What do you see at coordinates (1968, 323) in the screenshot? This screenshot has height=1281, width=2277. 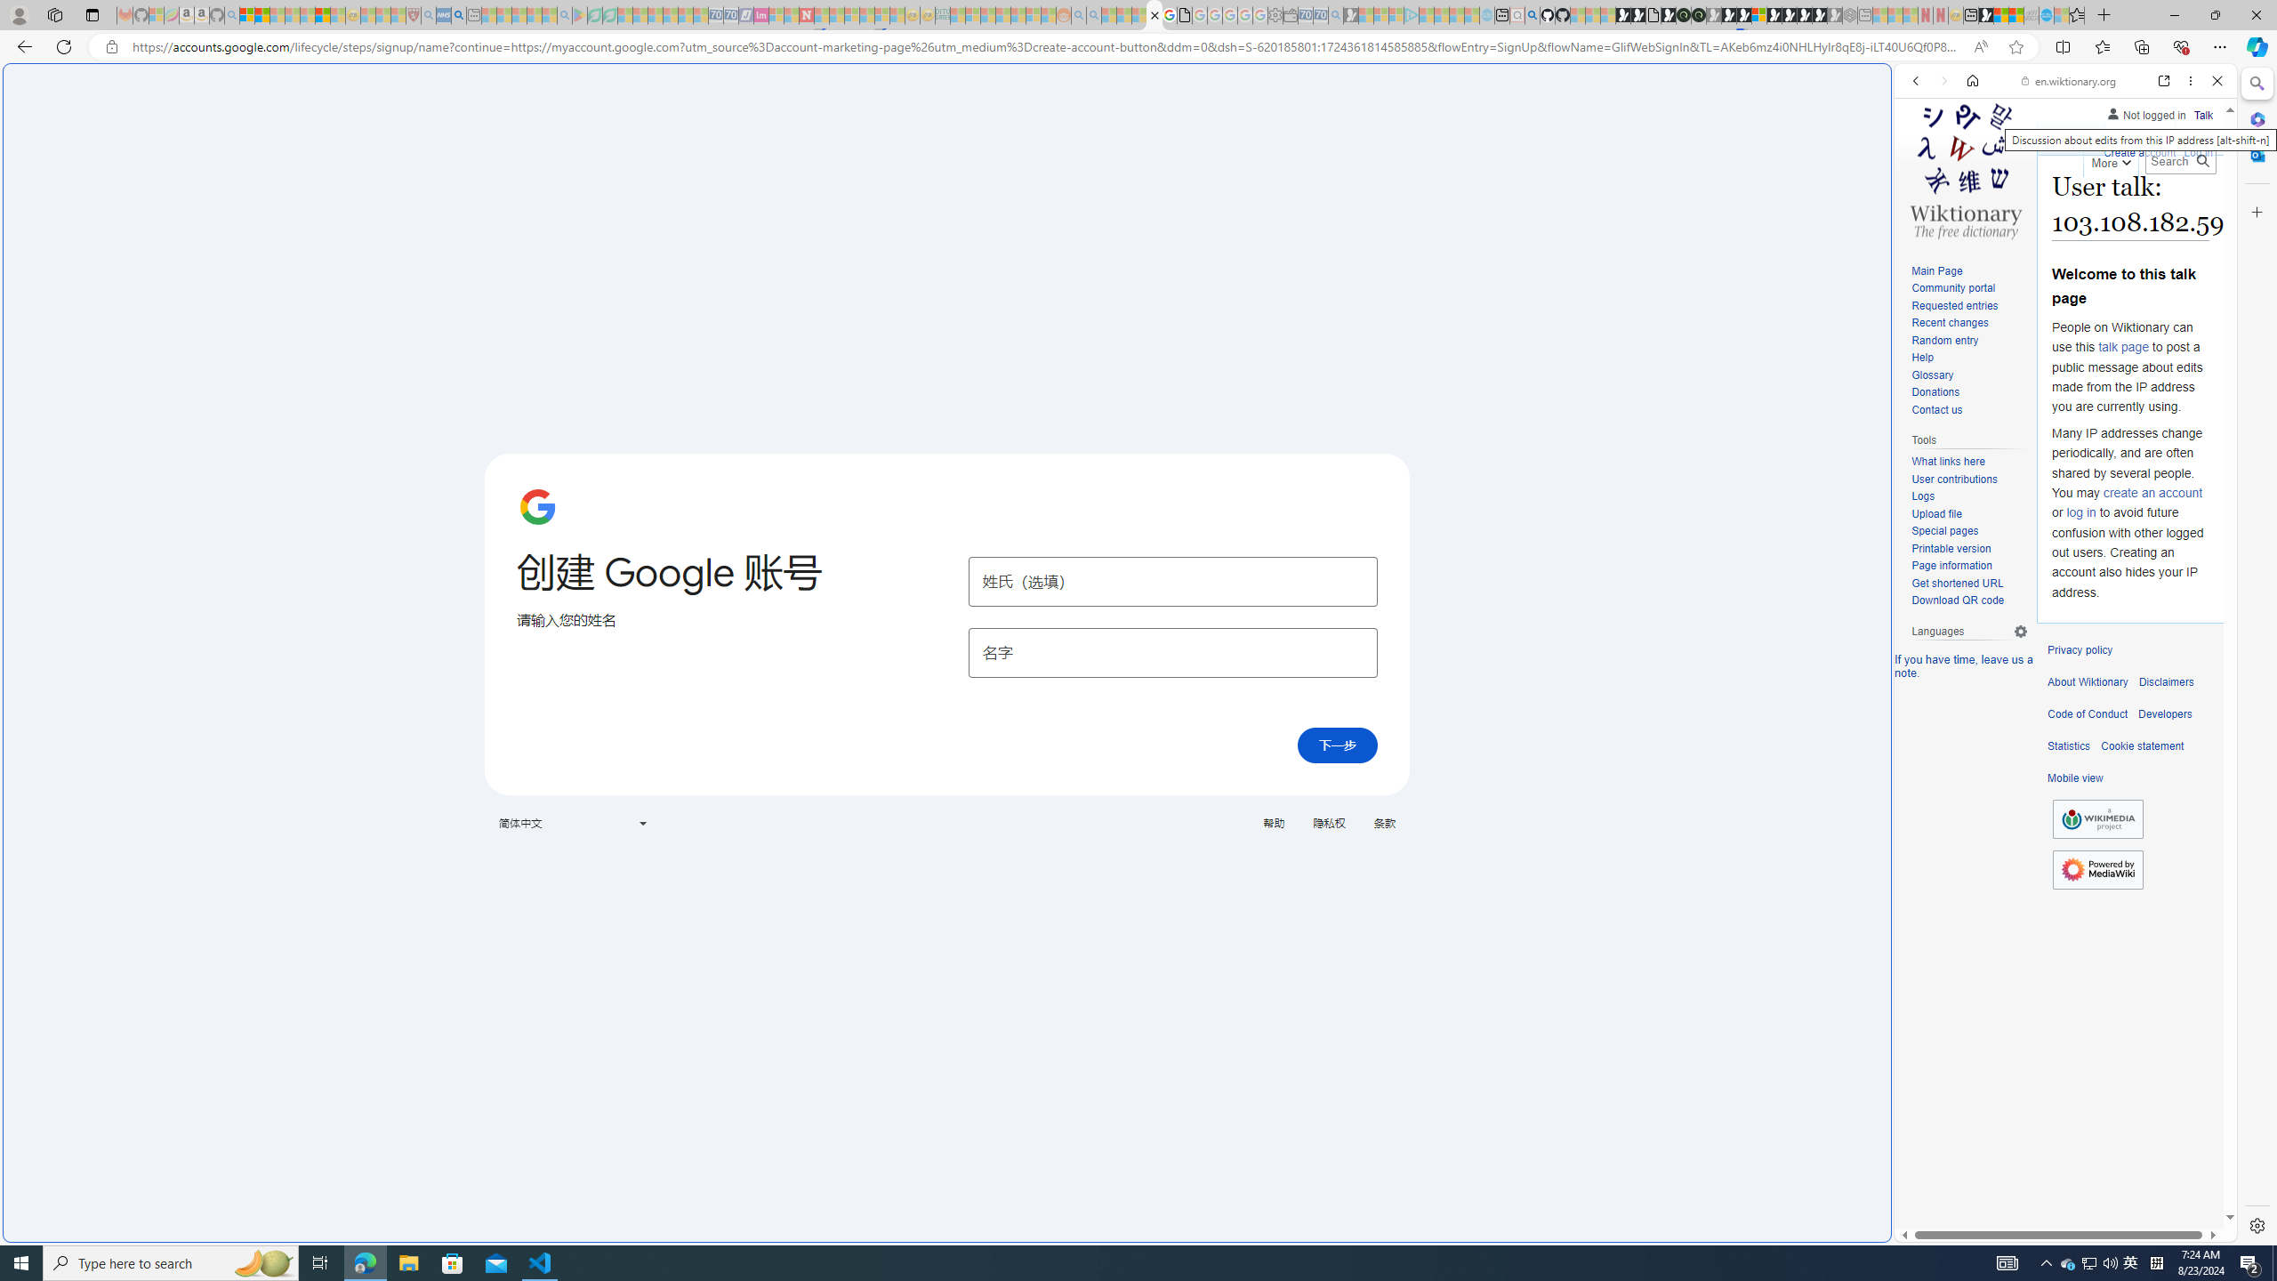 I see `'Recent changes'` at bounding box center [1968, 323].